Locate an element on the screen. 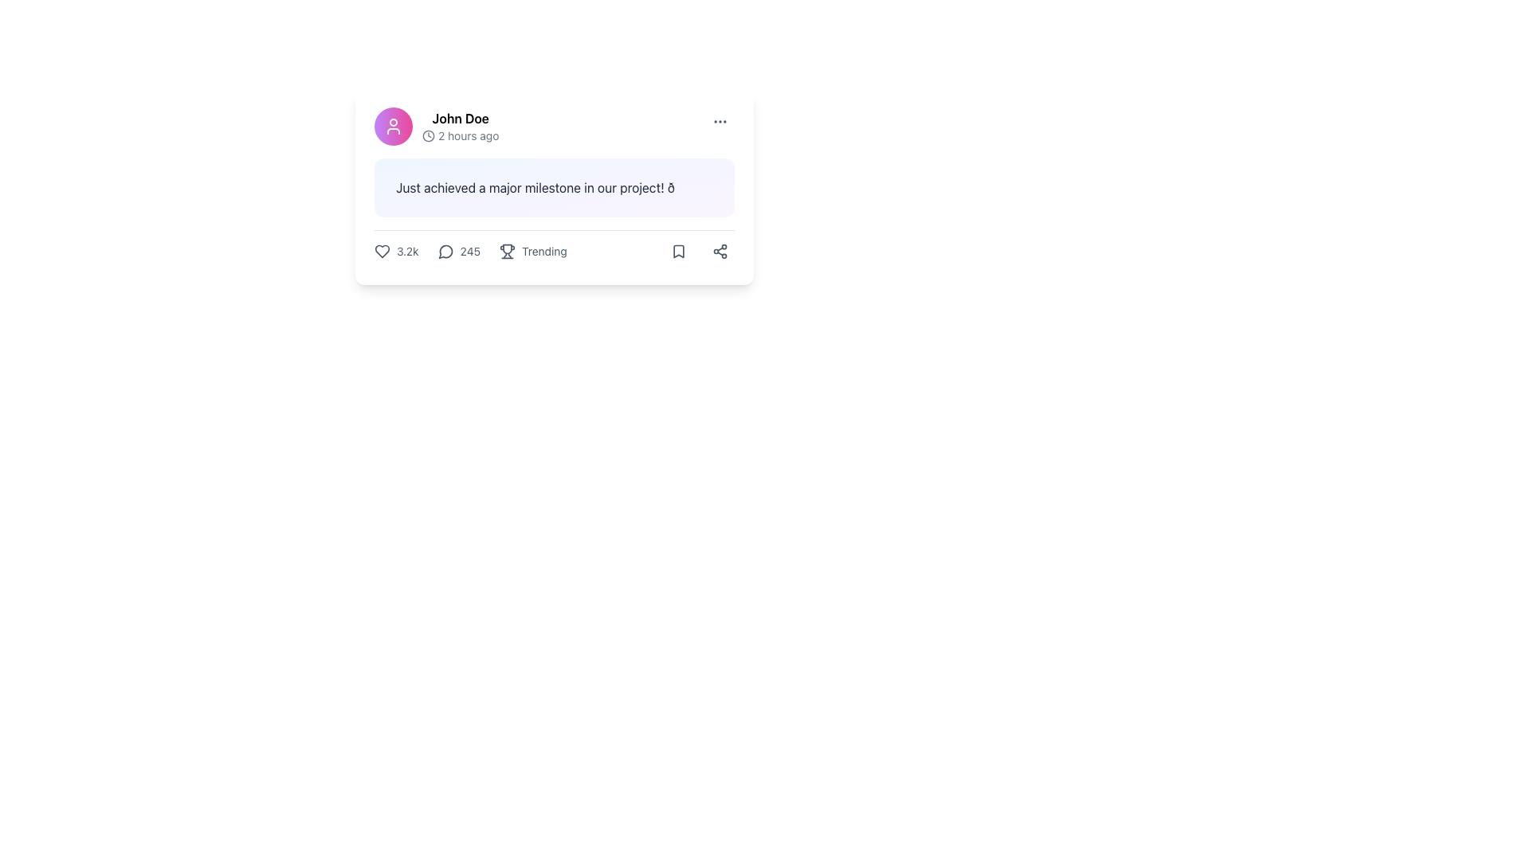  the like counter icon, which displays the number of likes or favorites a post has received, to like or unlike the post is located at coordinates (396, 251).